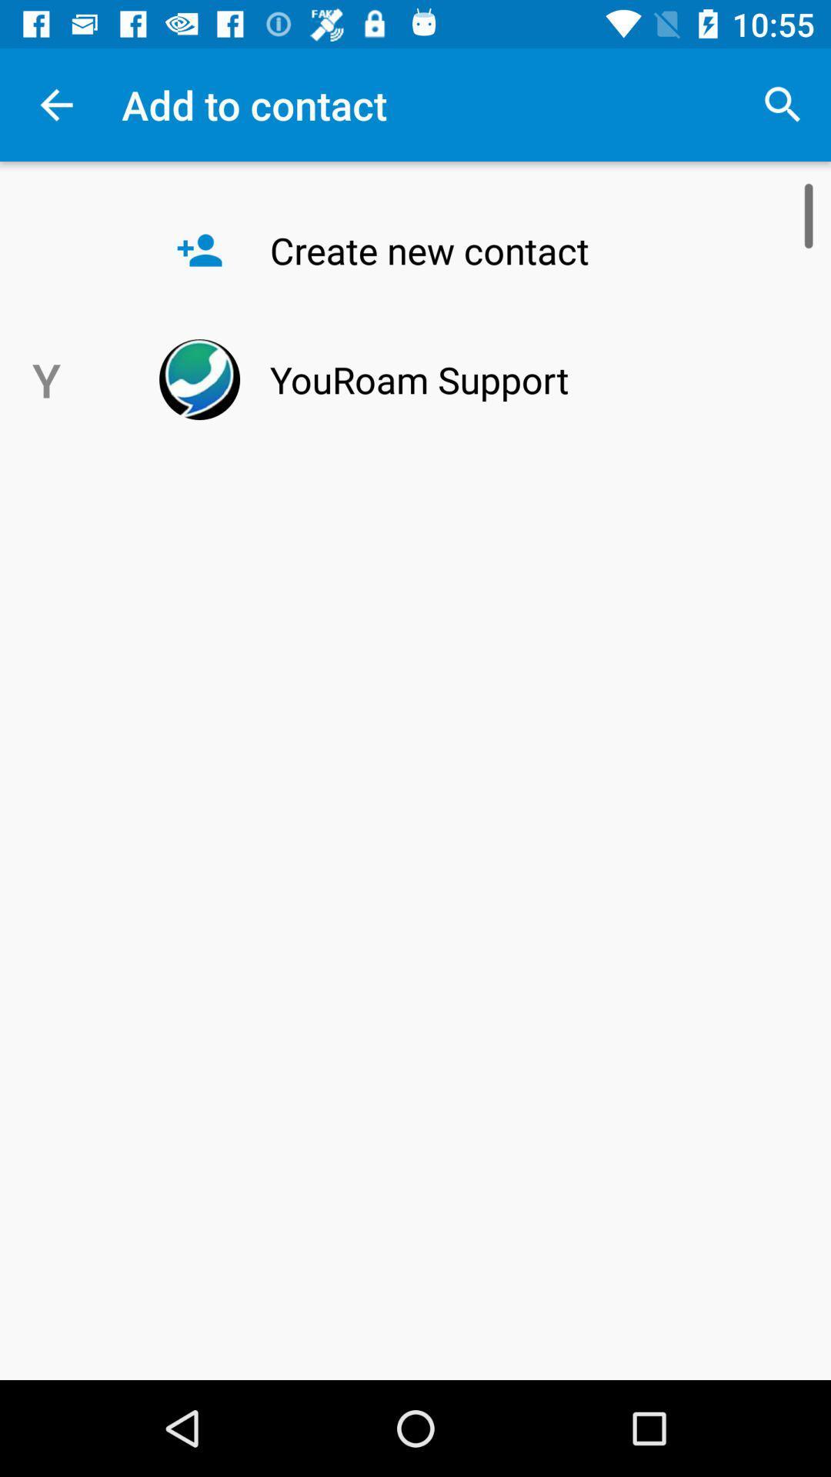 The image size is (831, 1477). I want to click on app above the create new contact, so click(783, 104).